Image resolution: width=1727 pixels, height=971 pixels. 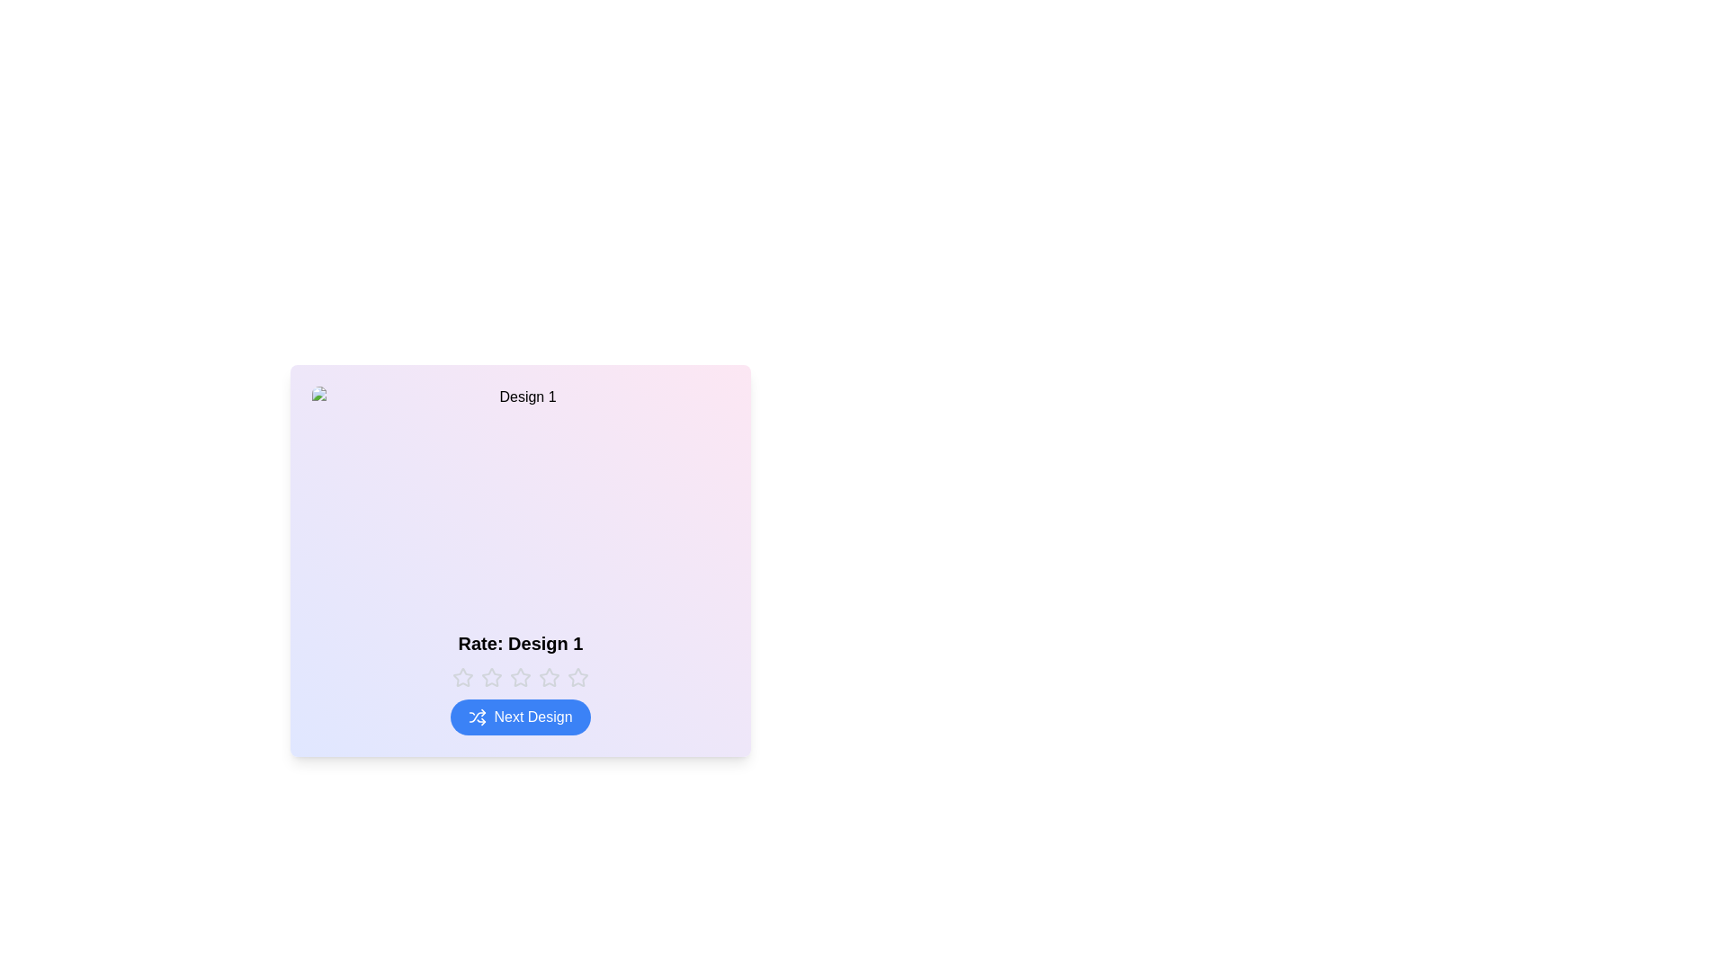 What do you see at coordinates (520, 502) in the screenshot?
I see `the displayed image to inspect it` at bounding box center [520, 502].